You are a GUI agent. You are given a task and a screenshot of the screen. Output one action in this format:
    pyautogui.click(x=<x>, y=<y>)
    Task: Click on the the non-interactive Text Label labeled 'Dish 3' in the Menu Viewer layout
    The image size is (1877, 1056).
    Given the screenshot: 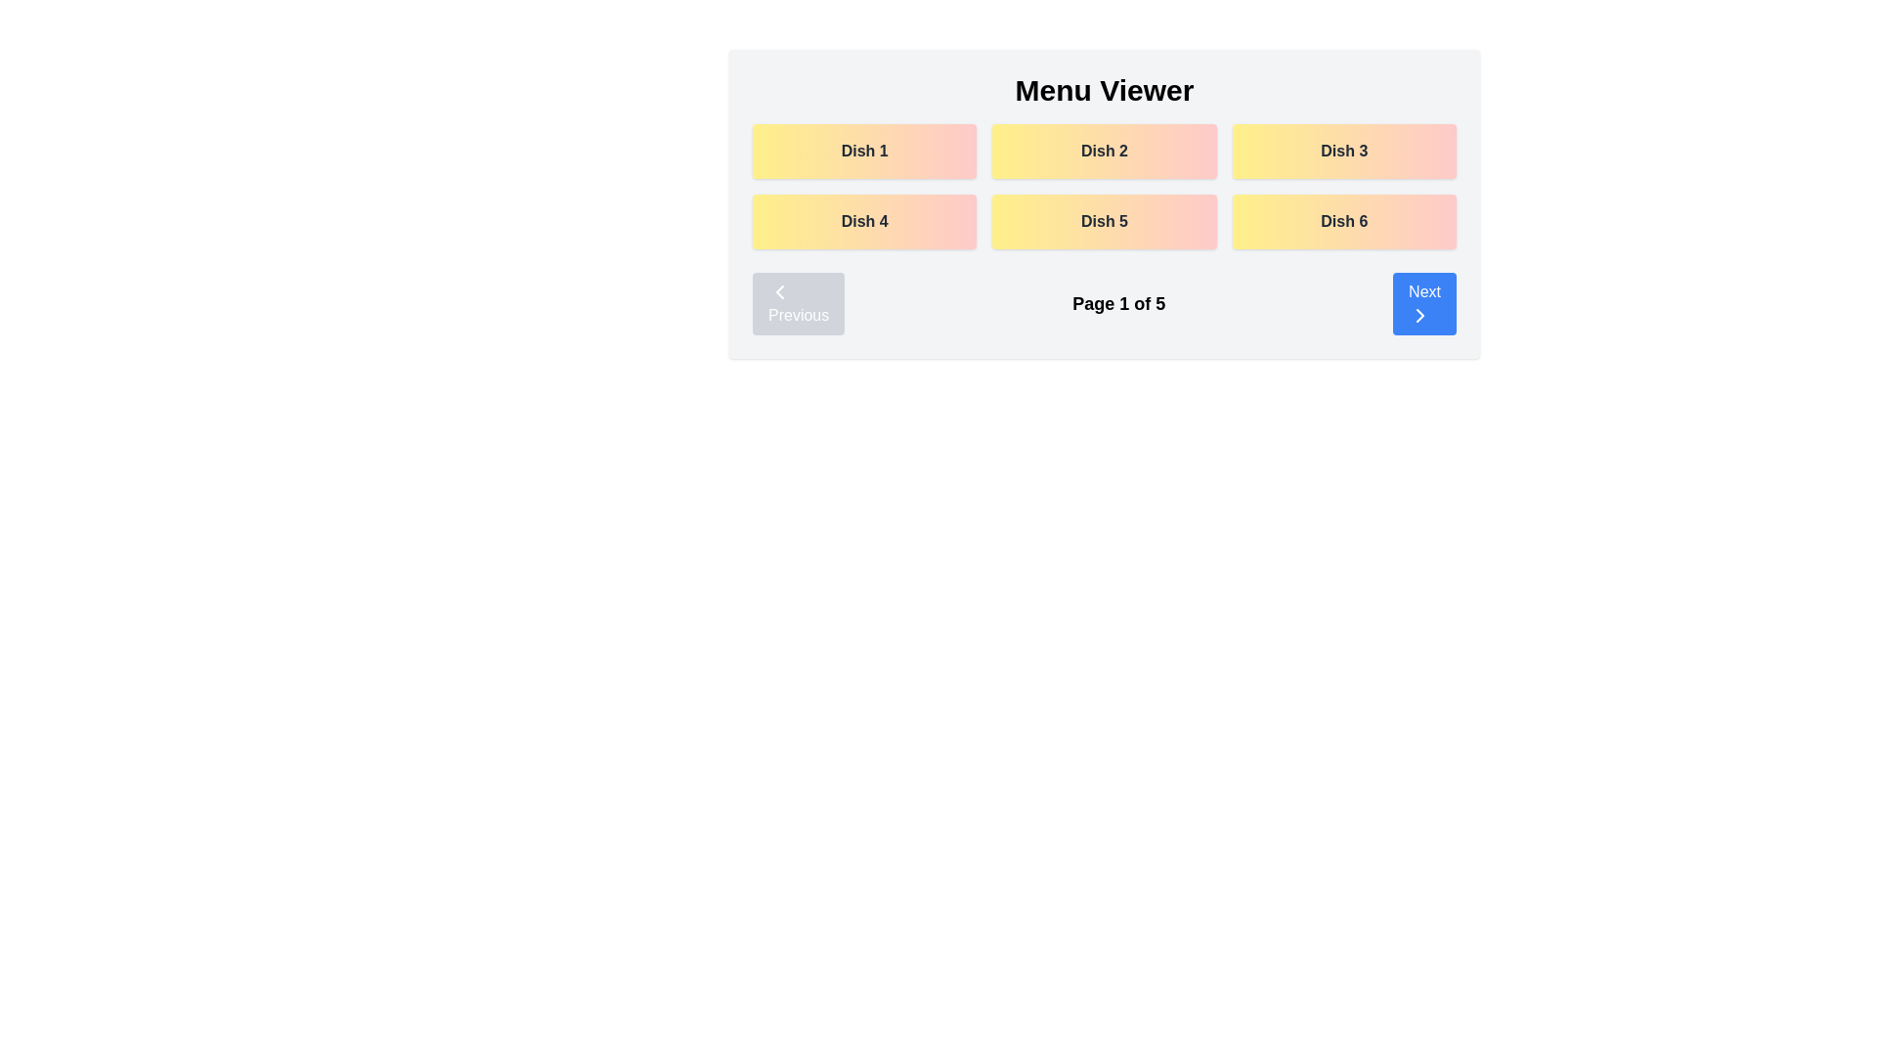 What is the action you would take?
    pyautogui.click(x=1343, y=150)
    